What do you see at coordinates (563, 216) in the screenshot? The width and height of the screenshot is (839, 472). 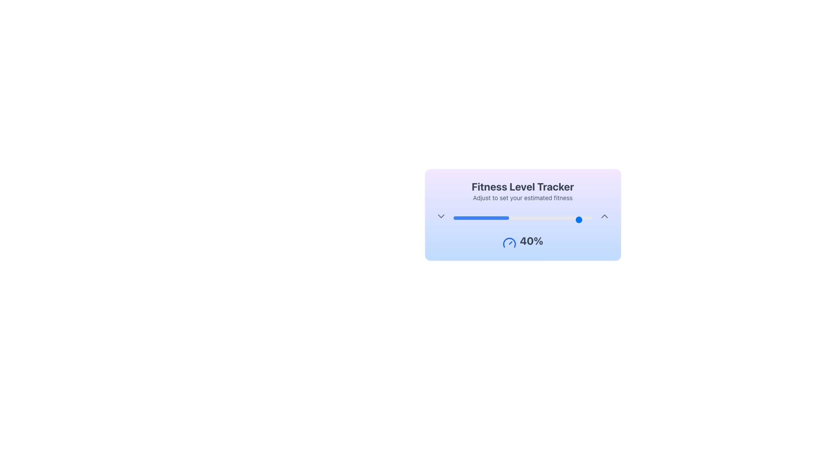 I see `the slider value` at bounding box center [563, 216].